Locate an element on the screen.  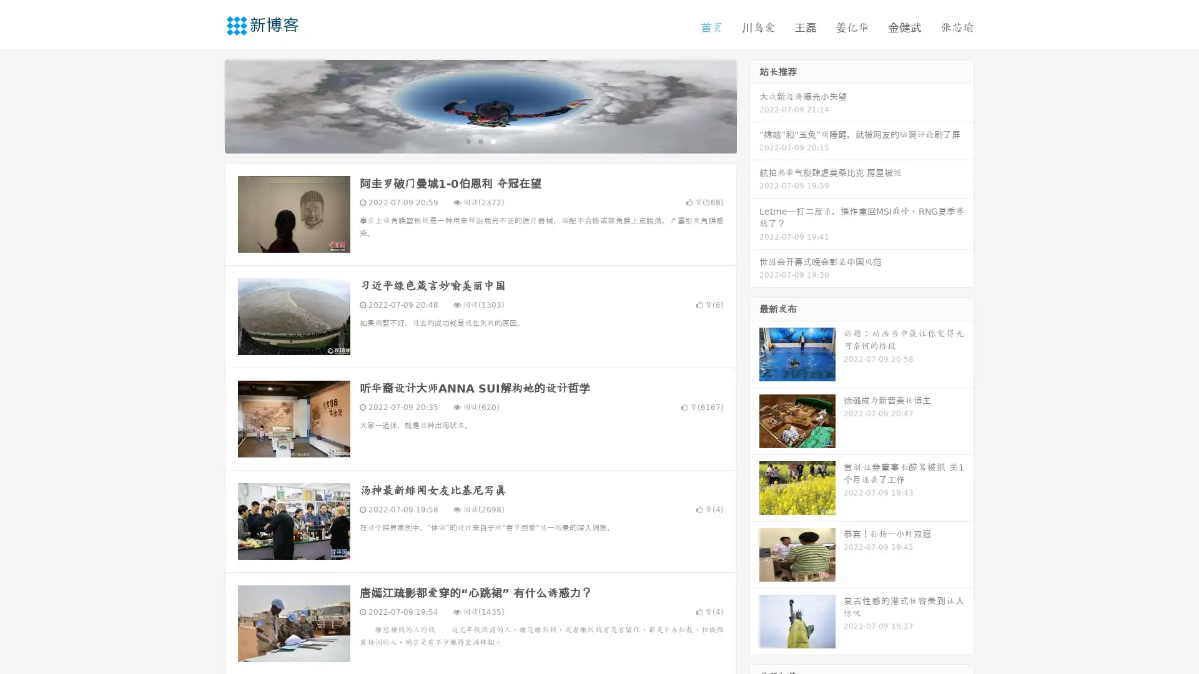
Go to slide 1 is located at coordinates (467, 140).